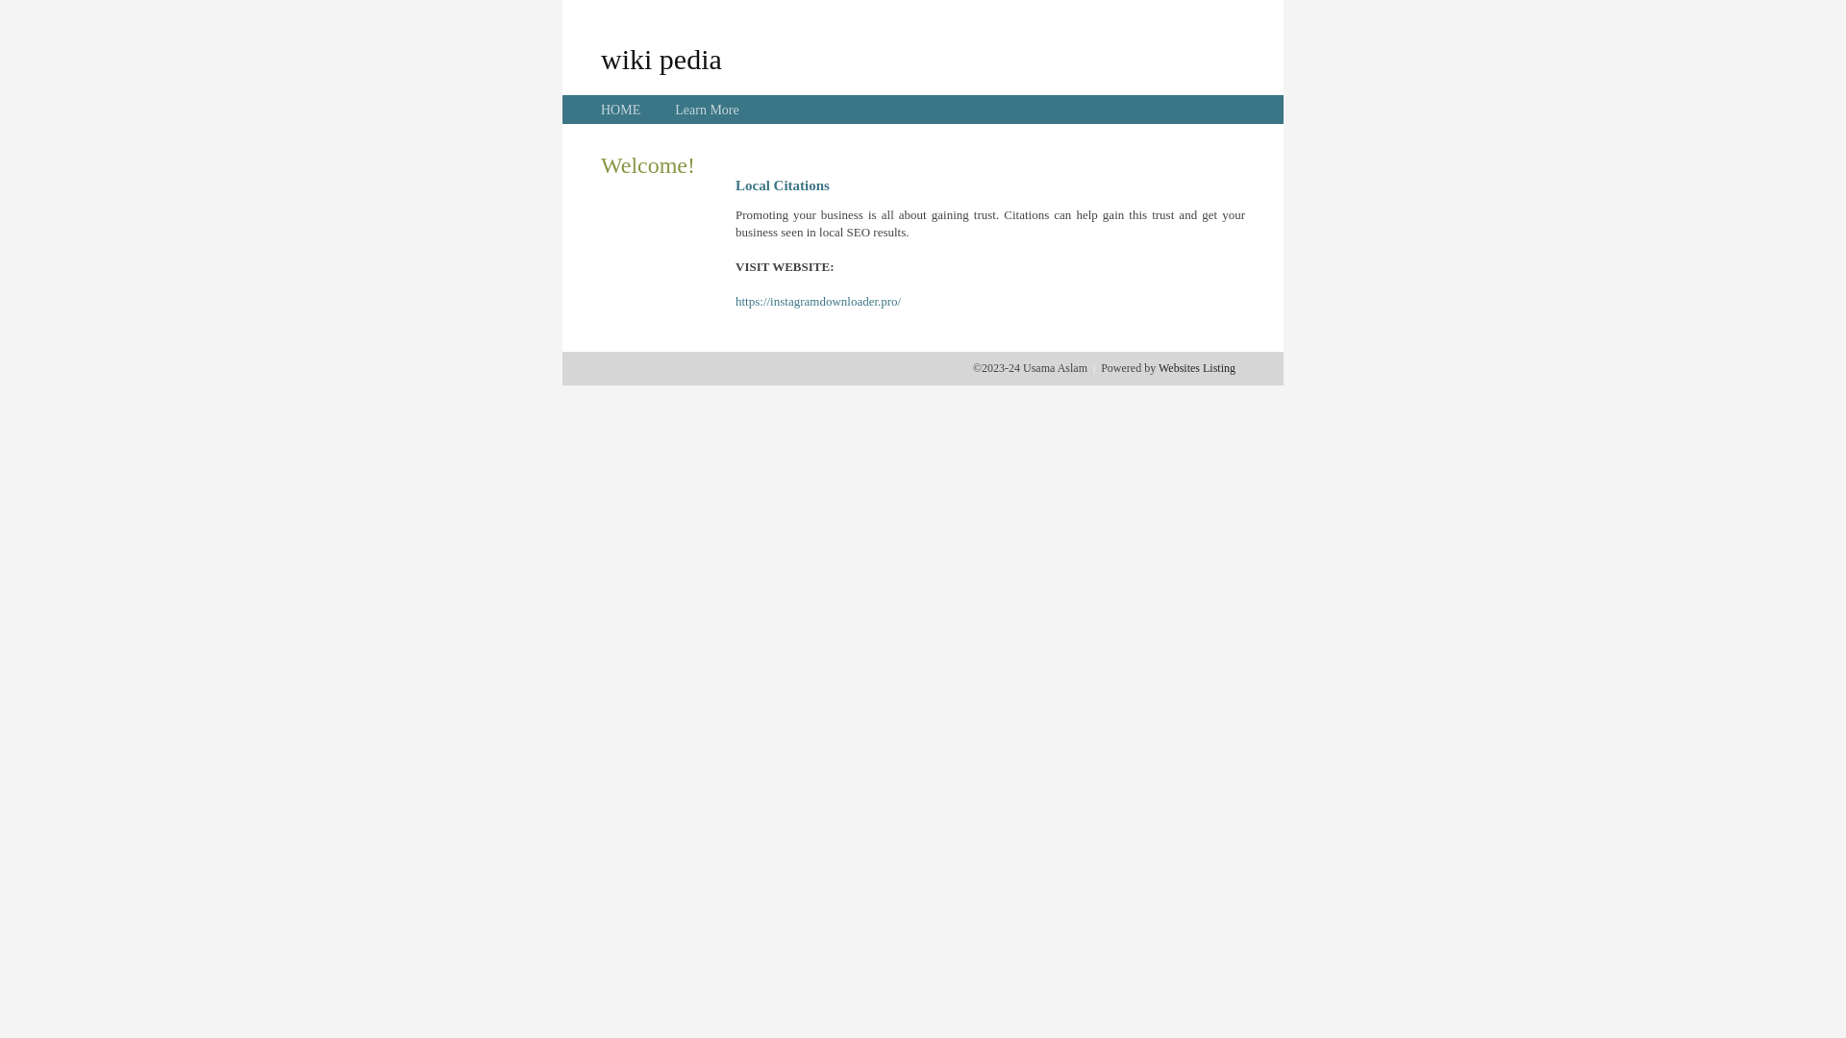 The width and height of the screenshot is (1846, 1038). I want to click on 'wiki pedia', so click(661, 58).